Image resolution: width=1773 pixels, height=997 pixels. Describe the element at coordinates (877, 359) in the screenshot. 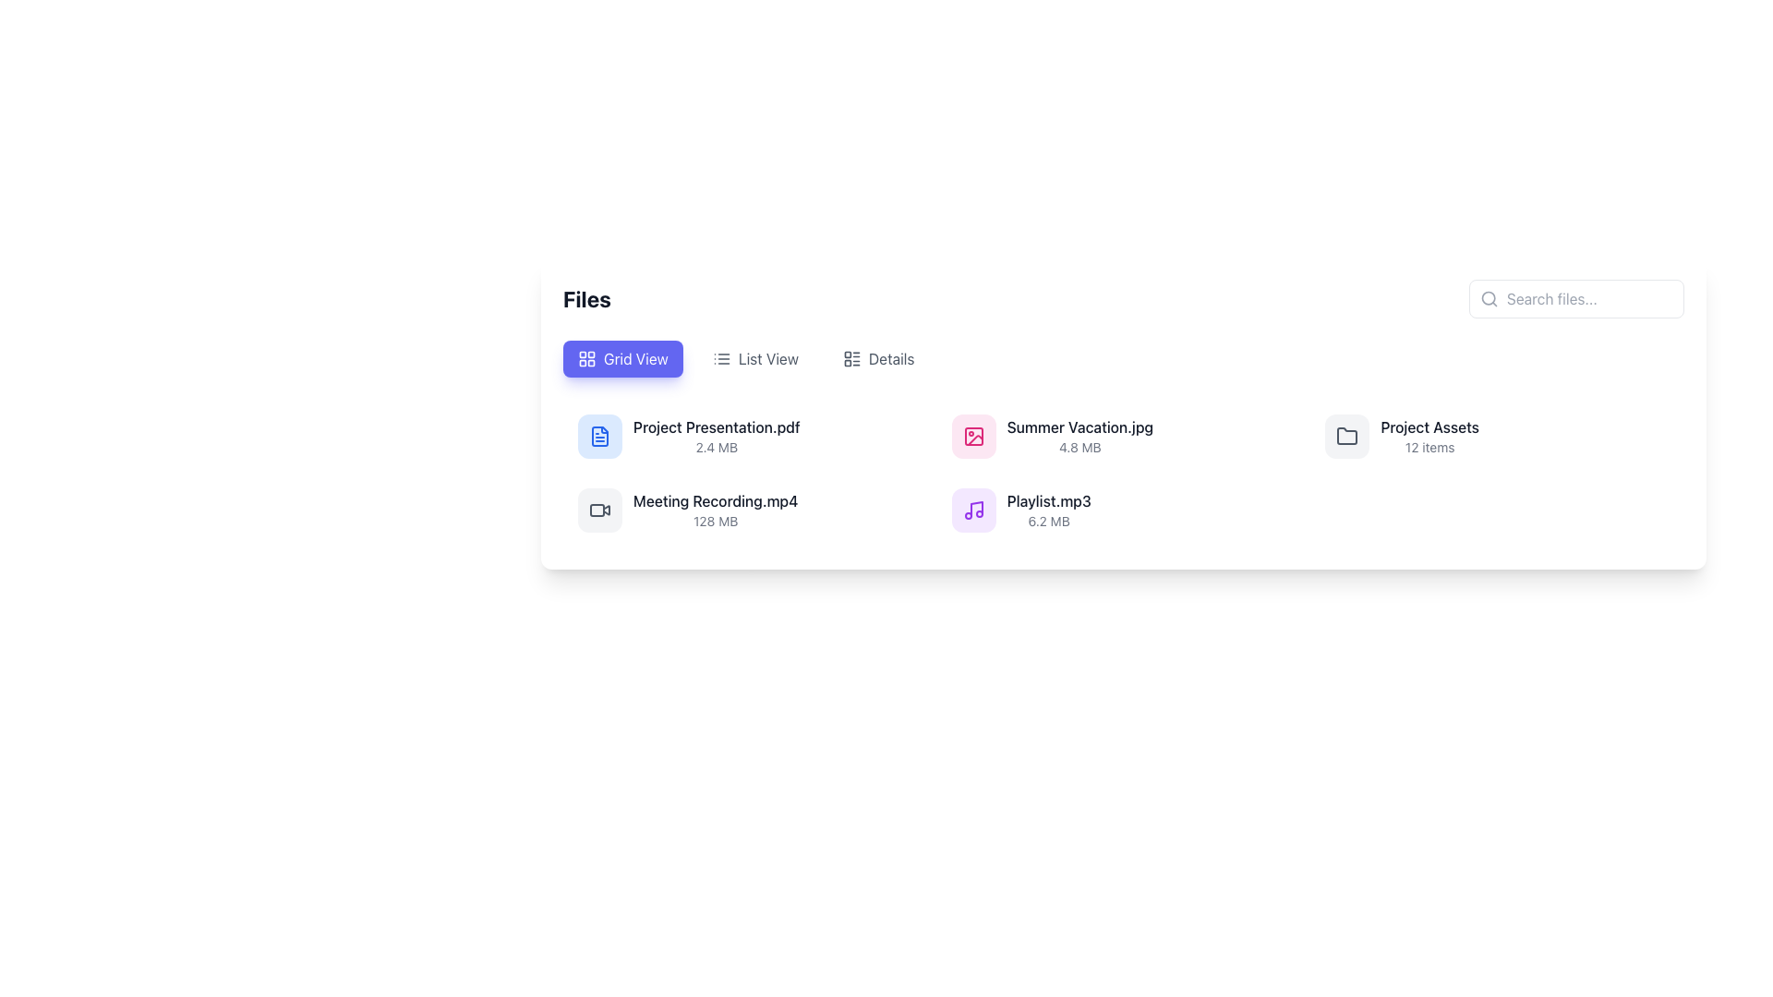

I see `the 'Details' view mode button located to the right of the 'Grid View' and 'List View' buttons at the top of the file management interface for keyboard navigation` at that location.